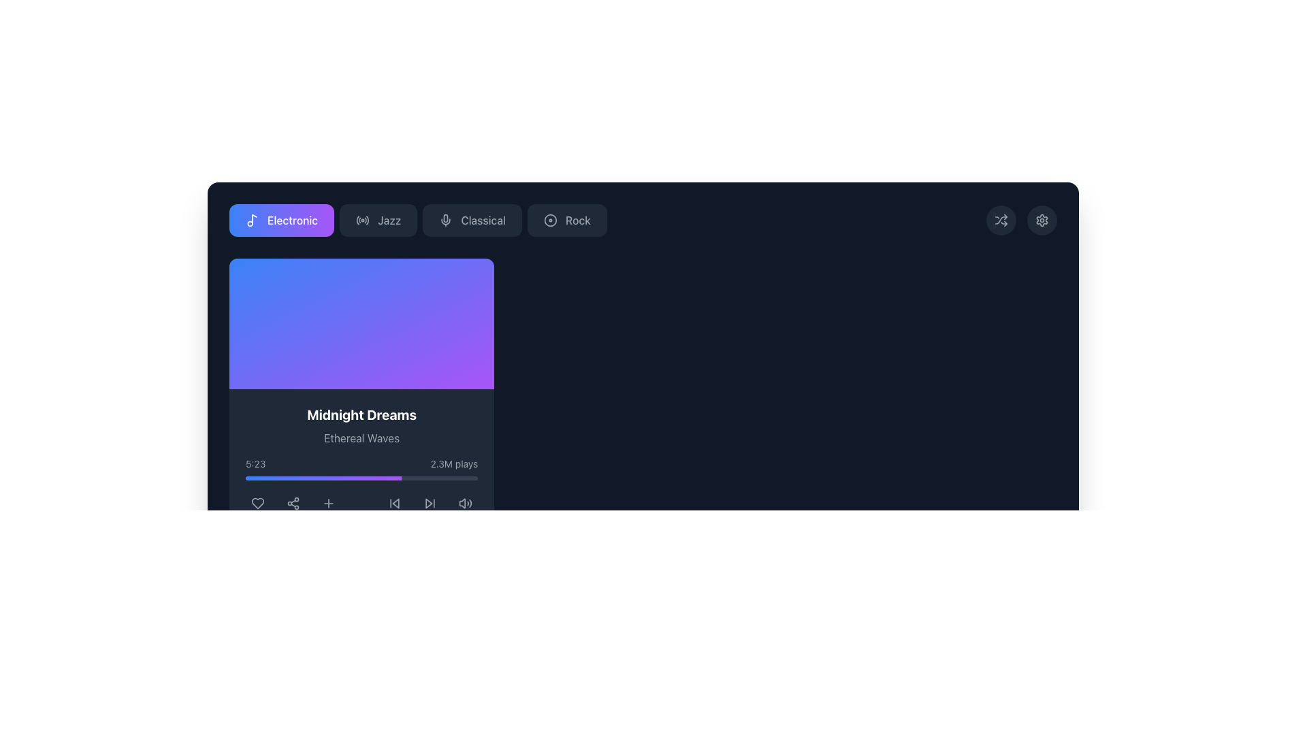 This screenshot has width=1307, height=735. Describe the element at coordinates (252, 220) in the screenshot. I see `the music note icon located to the left of the text 'Electronic' in the button` at that location.